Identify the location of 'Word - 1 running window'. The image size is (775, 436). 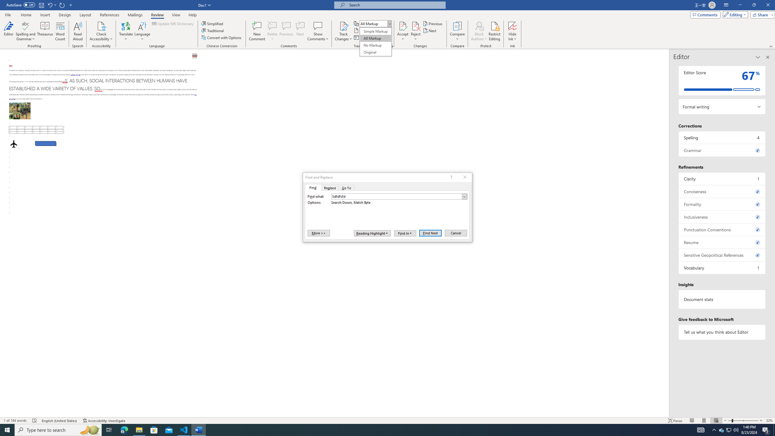
(199, 429).